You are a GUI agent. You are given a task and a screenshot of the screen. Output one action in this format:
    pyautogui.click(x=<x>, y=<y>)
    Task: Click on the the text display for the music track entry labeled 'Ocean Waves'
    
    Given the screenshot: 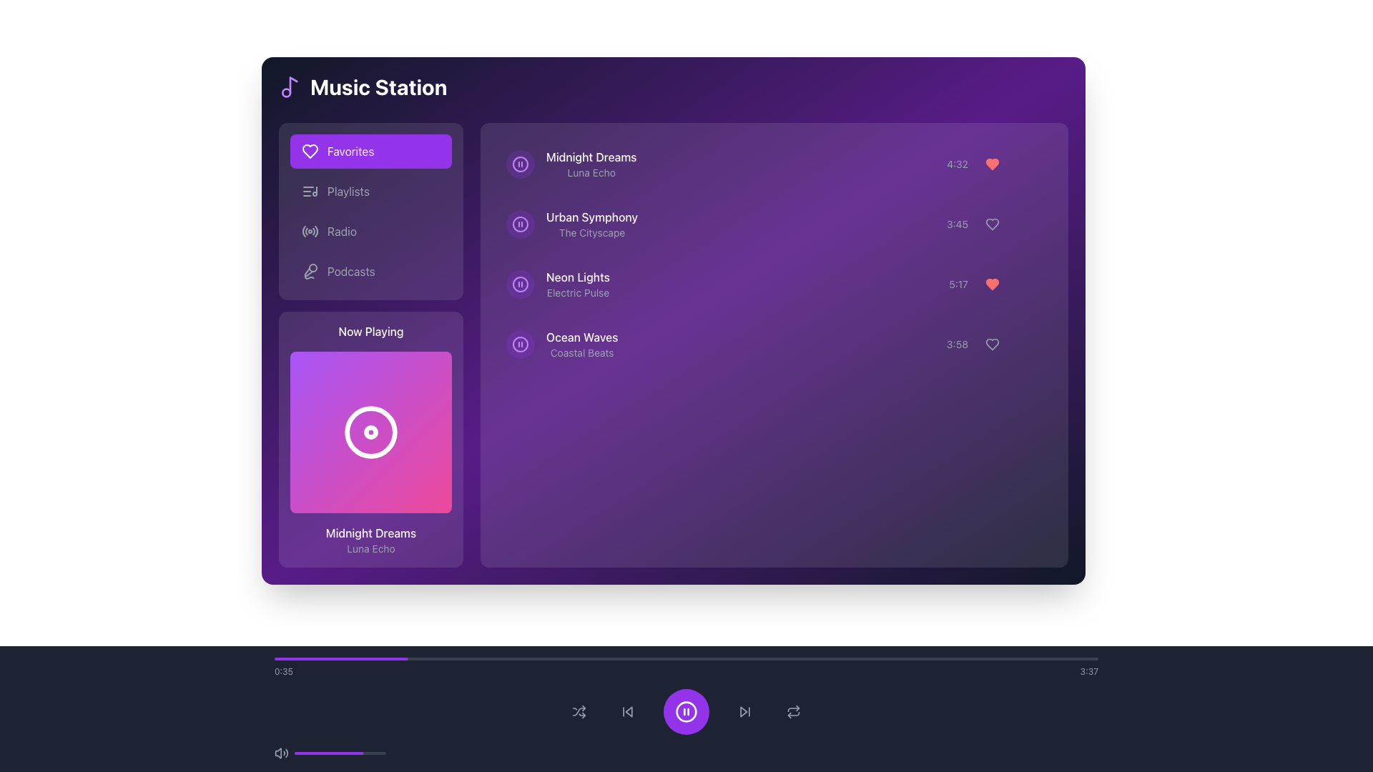 What is the action you would take?
    pyautogui.click(x=561, y=345)
    